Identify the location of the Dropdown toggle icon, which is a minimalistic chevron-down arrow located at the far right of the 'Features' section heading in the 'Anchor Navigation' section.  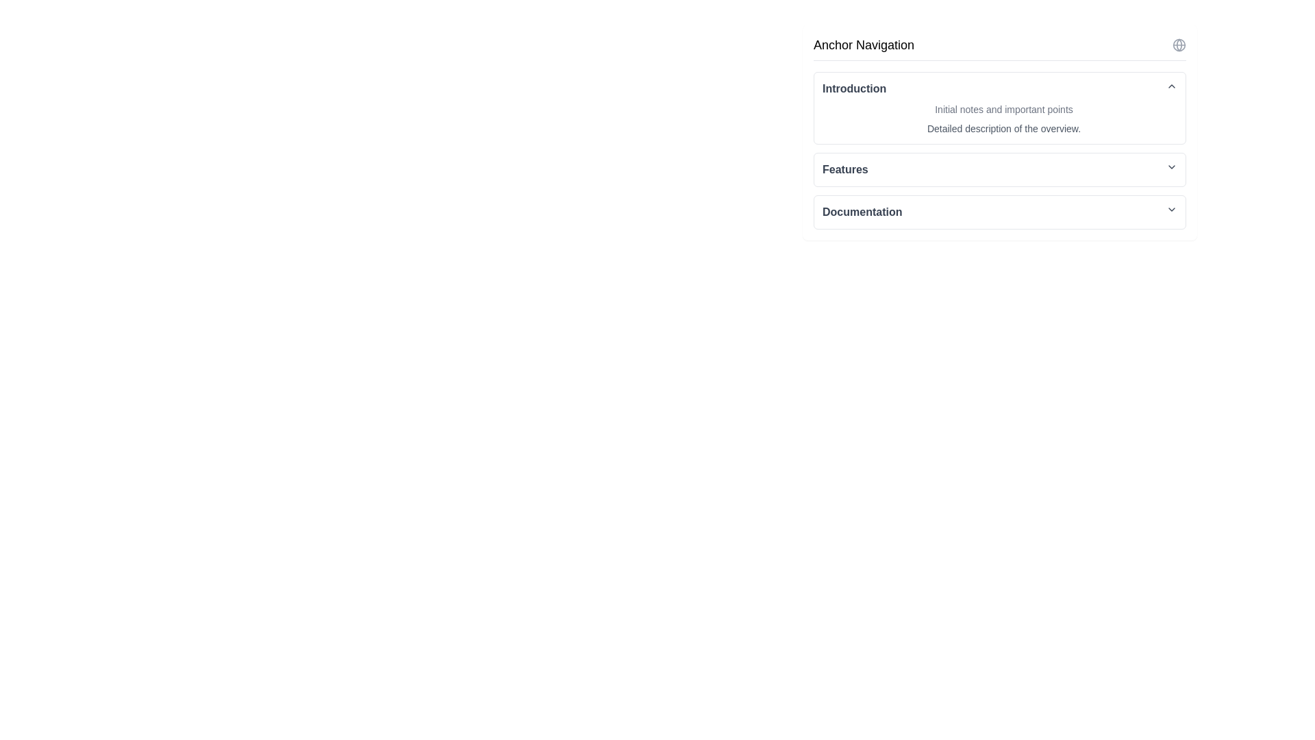
(1170, 166).